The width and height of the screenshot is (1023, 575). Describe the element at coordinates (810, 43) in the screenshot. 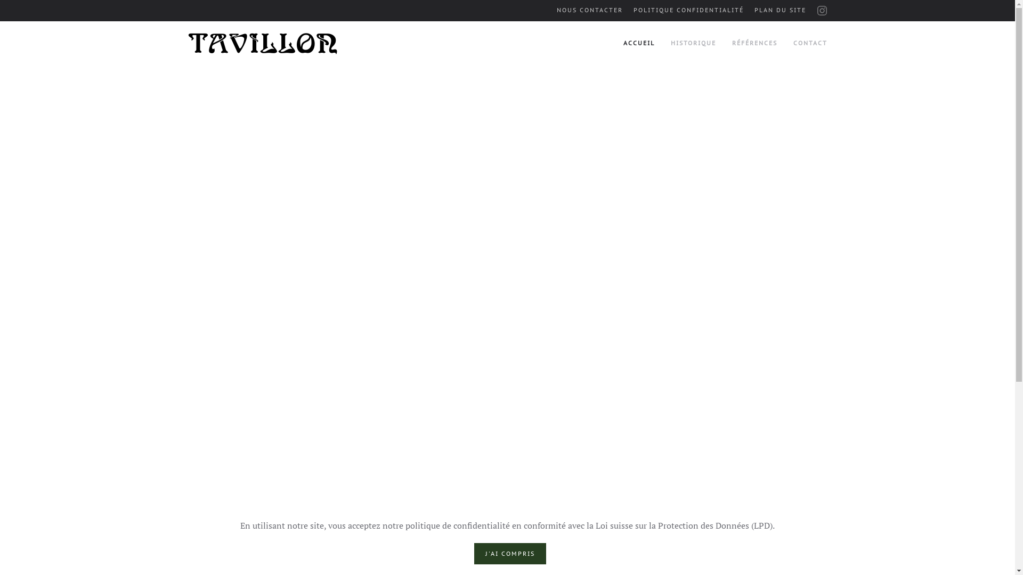

I see `'CONTACT'` at that location.